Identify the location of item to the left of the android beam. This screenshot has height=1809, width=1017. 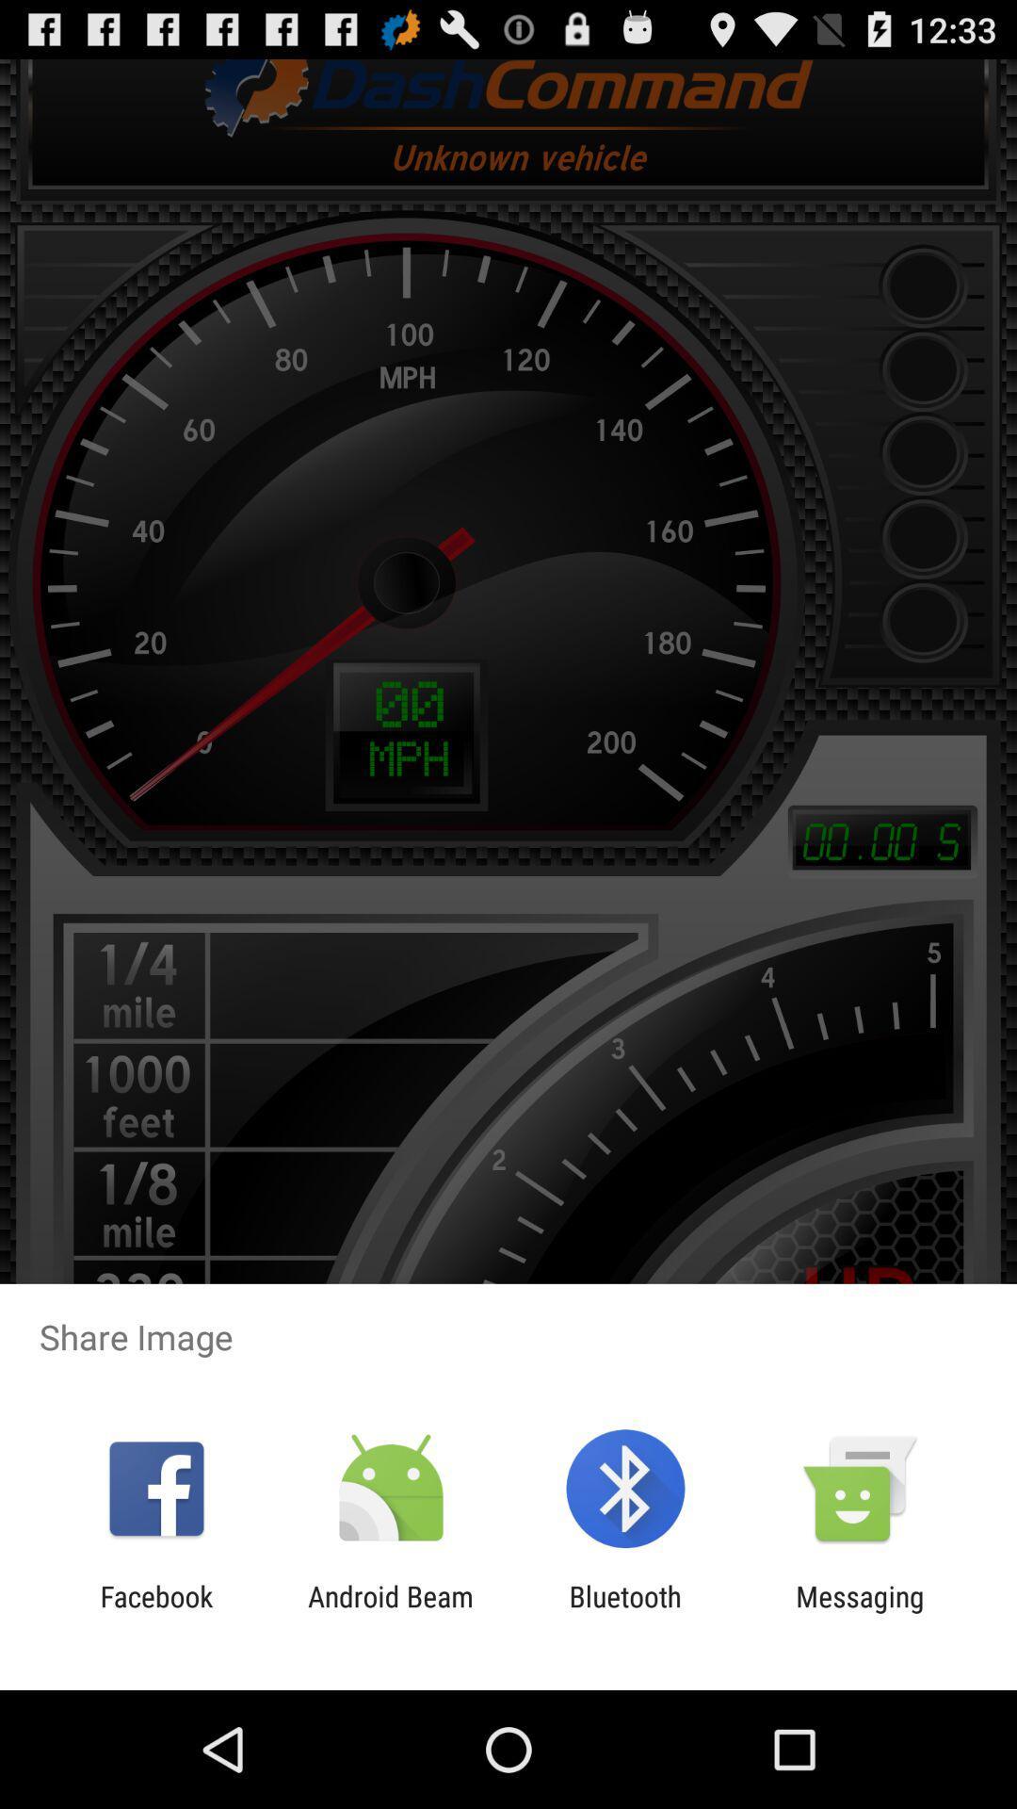
(155, 1612).